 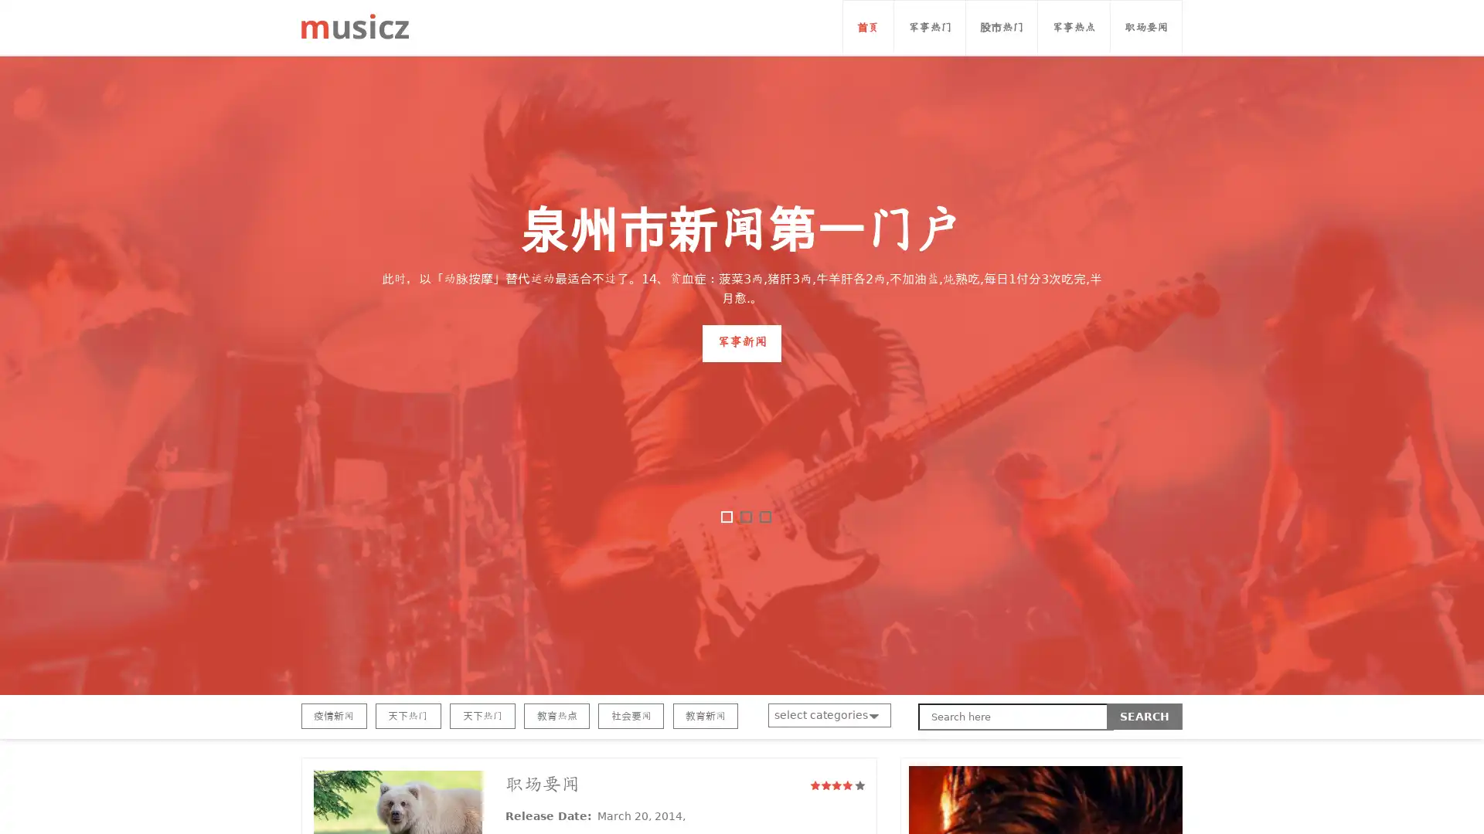 I want to click on search, so click(x=1145, y=717).